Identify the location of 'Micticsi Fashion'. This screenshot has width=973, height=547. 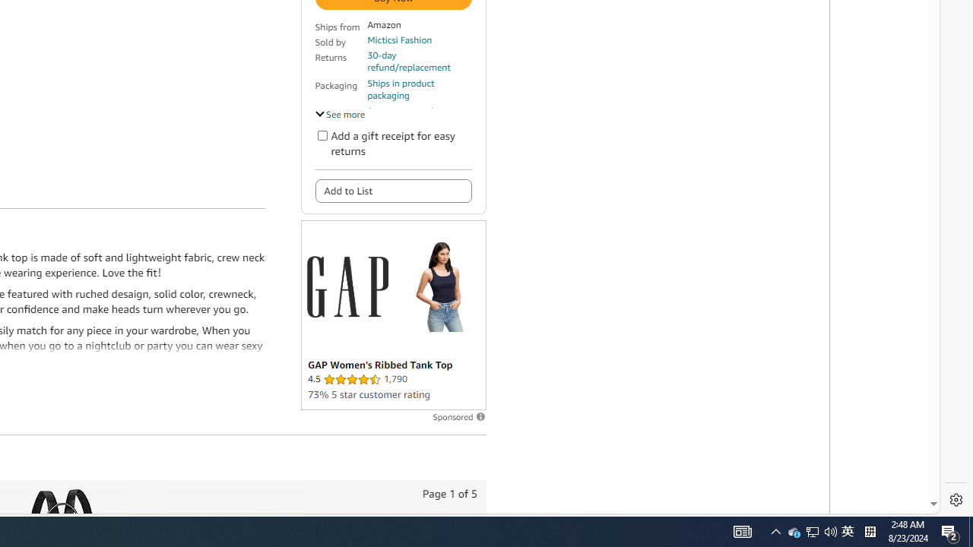
(400, 39).